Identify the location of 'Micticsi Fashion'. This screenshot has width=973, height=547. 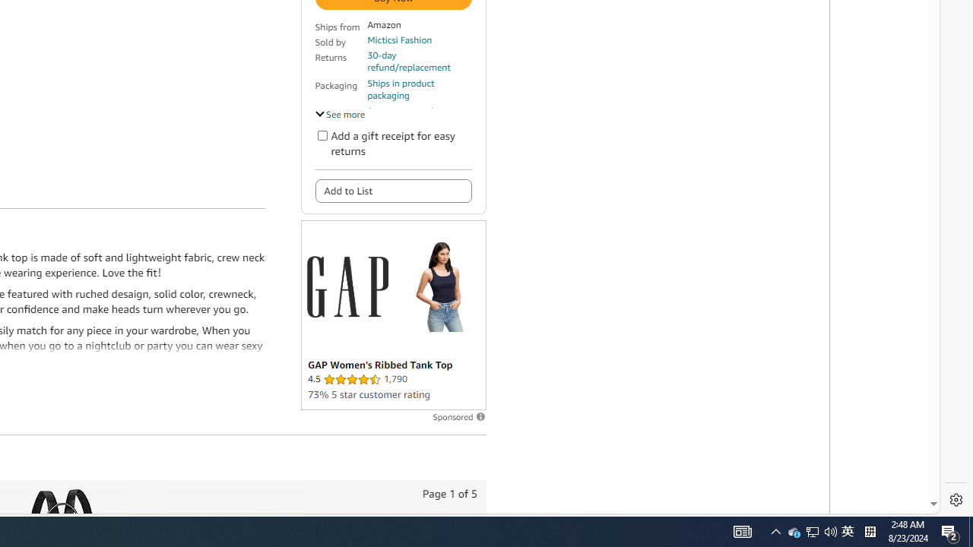
(400, 39).